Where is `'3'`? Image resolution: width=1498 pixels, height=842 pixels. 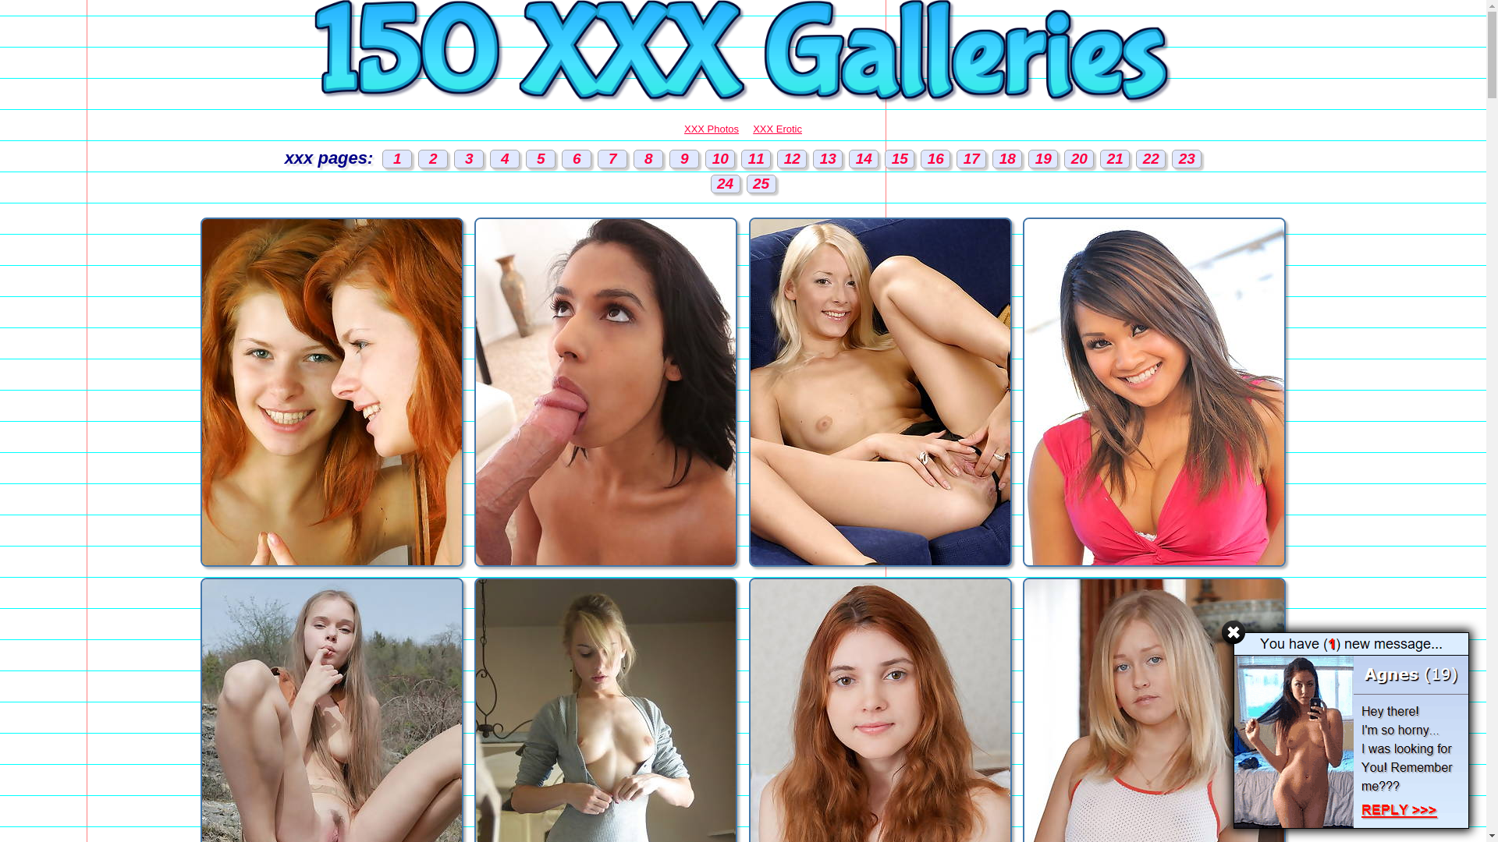 '3' is located at coordinates (467, 159).